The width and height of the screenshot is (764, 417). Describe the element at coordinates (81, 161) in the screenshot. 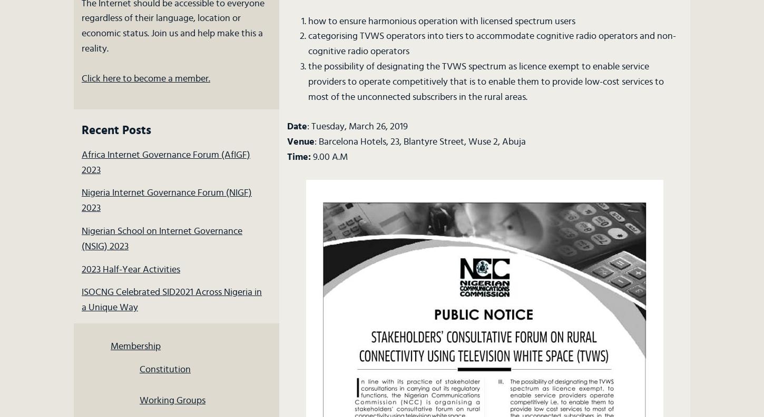

I see `'Africa Internet Governance Forum (AfIGF) 2023'` at that location.